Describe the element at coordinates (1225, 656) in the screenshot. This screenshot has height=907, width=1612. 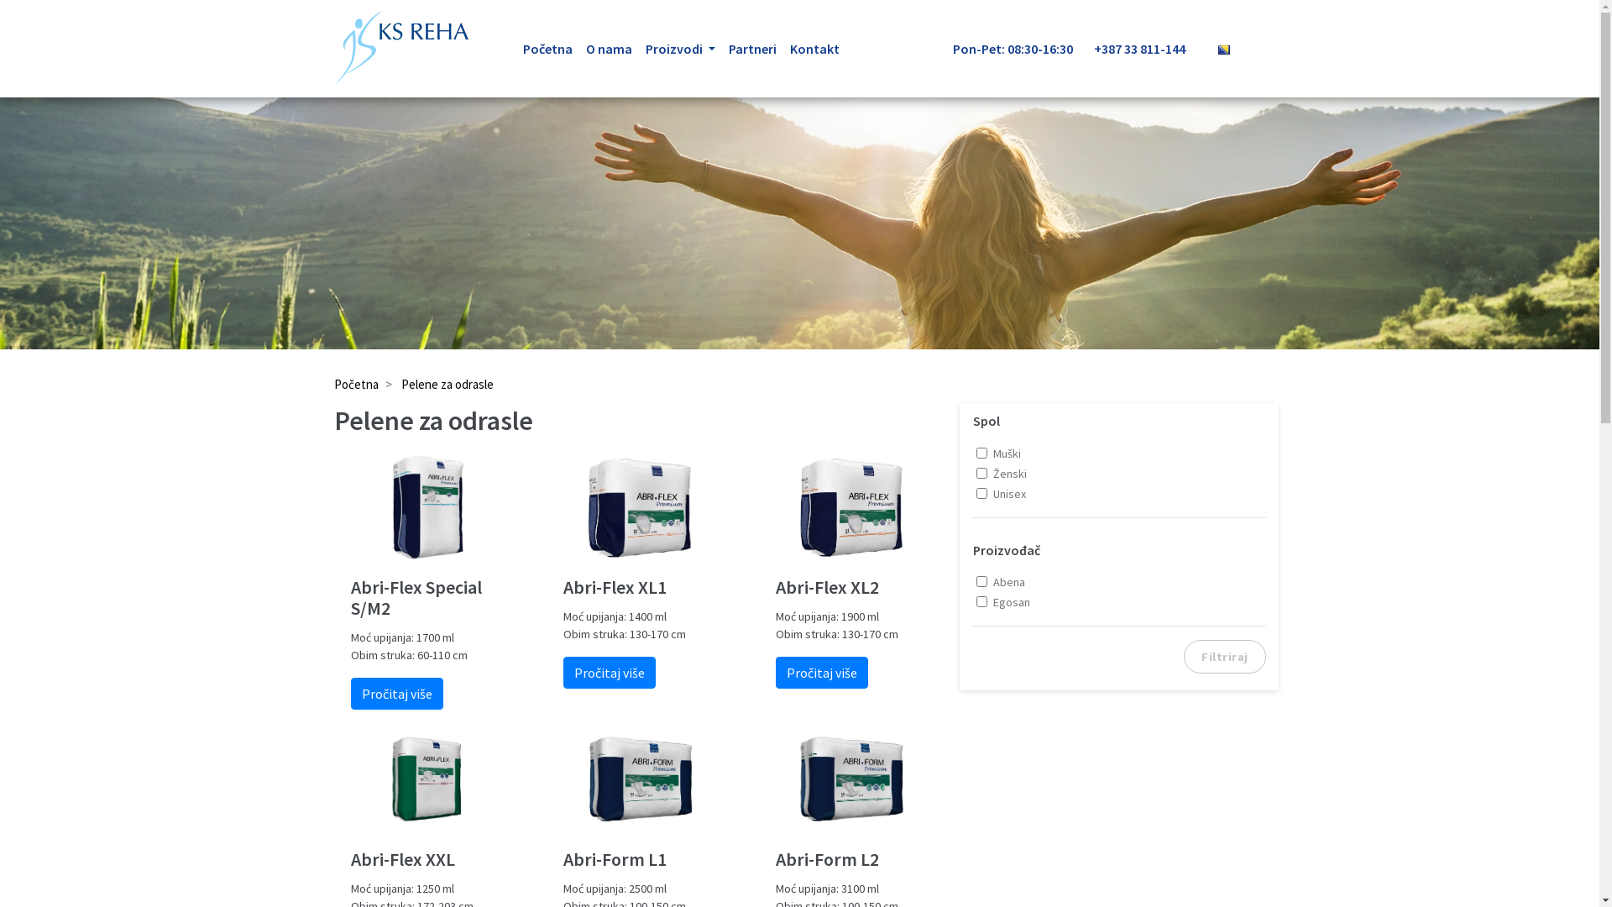
I see `'Filtriraj'` at that location.